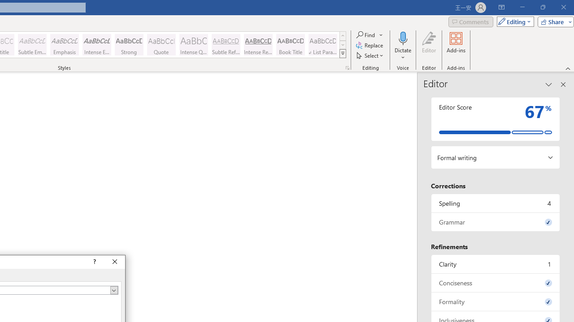 Image resolution: width=574 pixels, height=322 pixels. I want to click on 'Intense Emphasis', so click(97, 45).